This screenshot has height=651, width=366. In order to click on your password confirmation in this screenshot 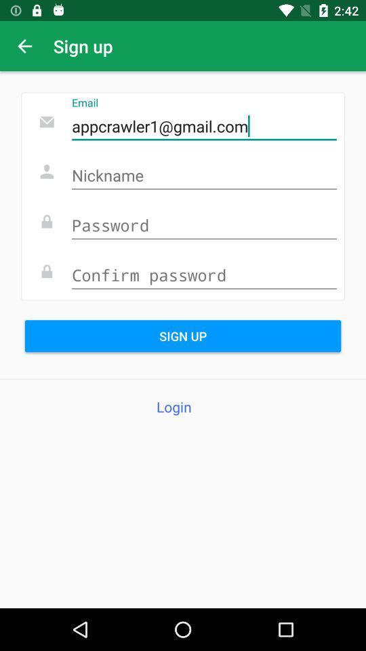, I will do `click(203, 275)`.